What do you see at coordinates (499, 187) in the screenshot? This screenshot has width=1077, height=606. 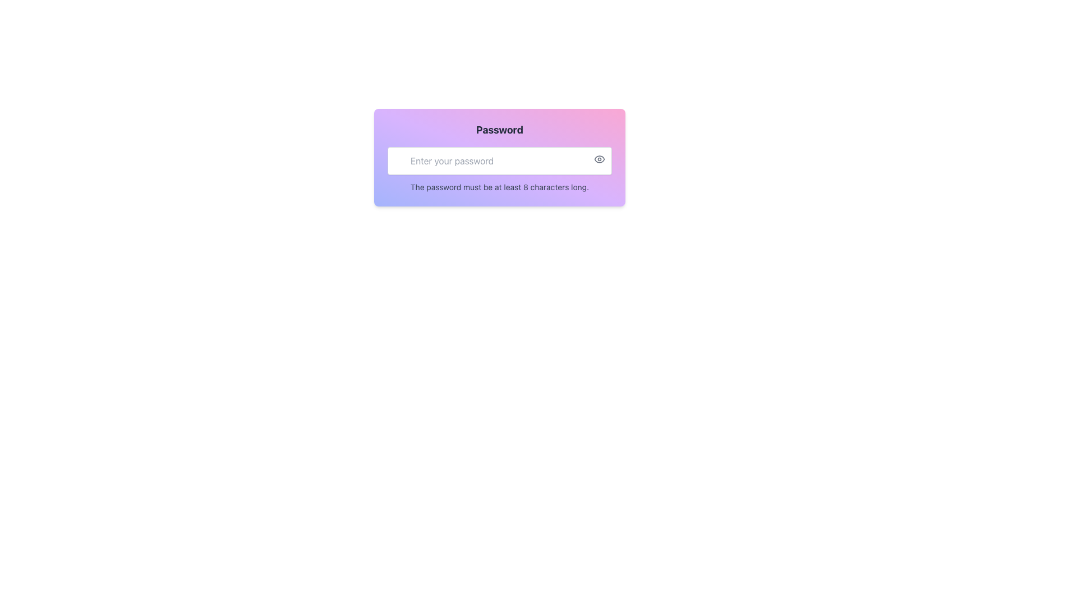 I see `the text label that displays the instruction 'The password must be at least 8 characters long,' which is located at the bottom of a colorful card with a gradient background` at bounding box center [499, 187].